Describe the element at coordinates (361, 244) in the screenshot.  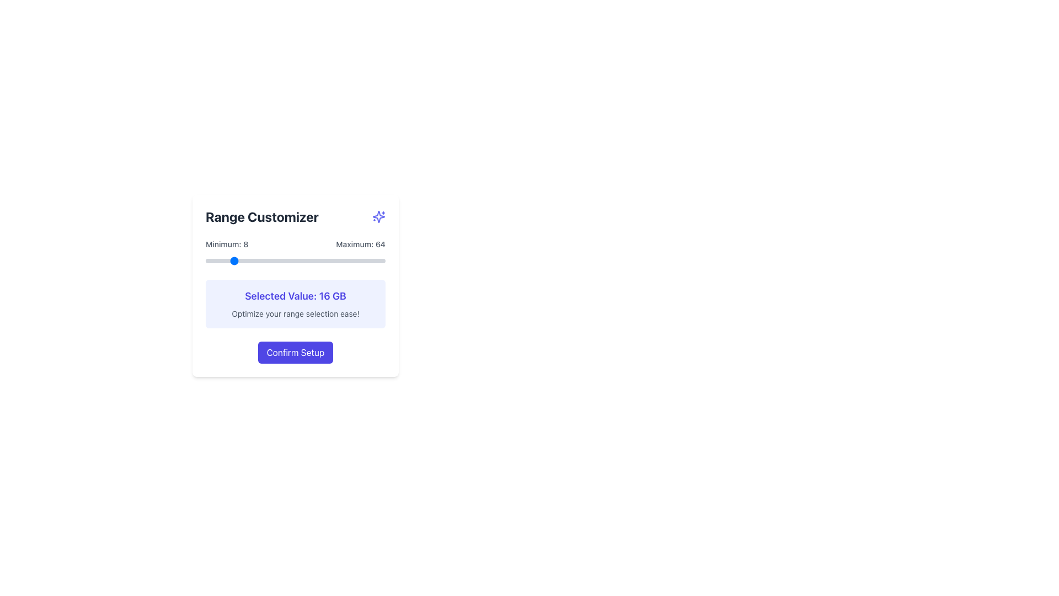
I see `the static text label indicating the upper limit of the range selector, positioned to the right of 'Minimum: 8'` at that location.